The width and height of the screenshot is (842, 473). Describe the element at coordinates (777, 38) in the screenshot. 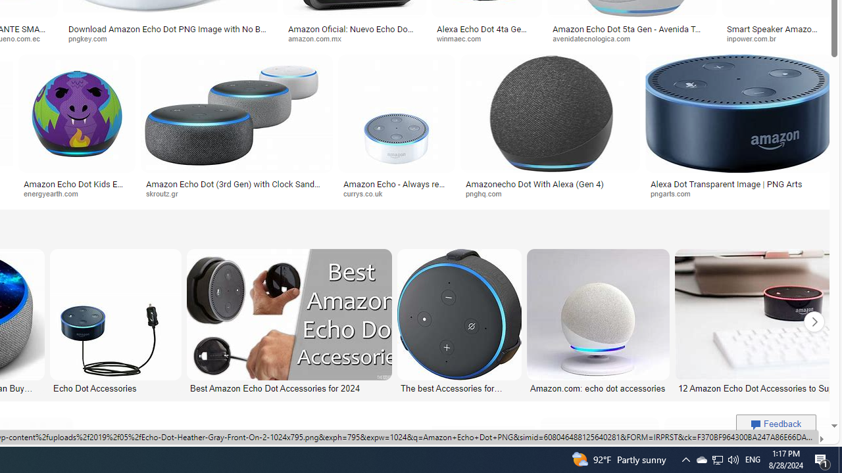

I see `'inpower.com.br'` at that location.